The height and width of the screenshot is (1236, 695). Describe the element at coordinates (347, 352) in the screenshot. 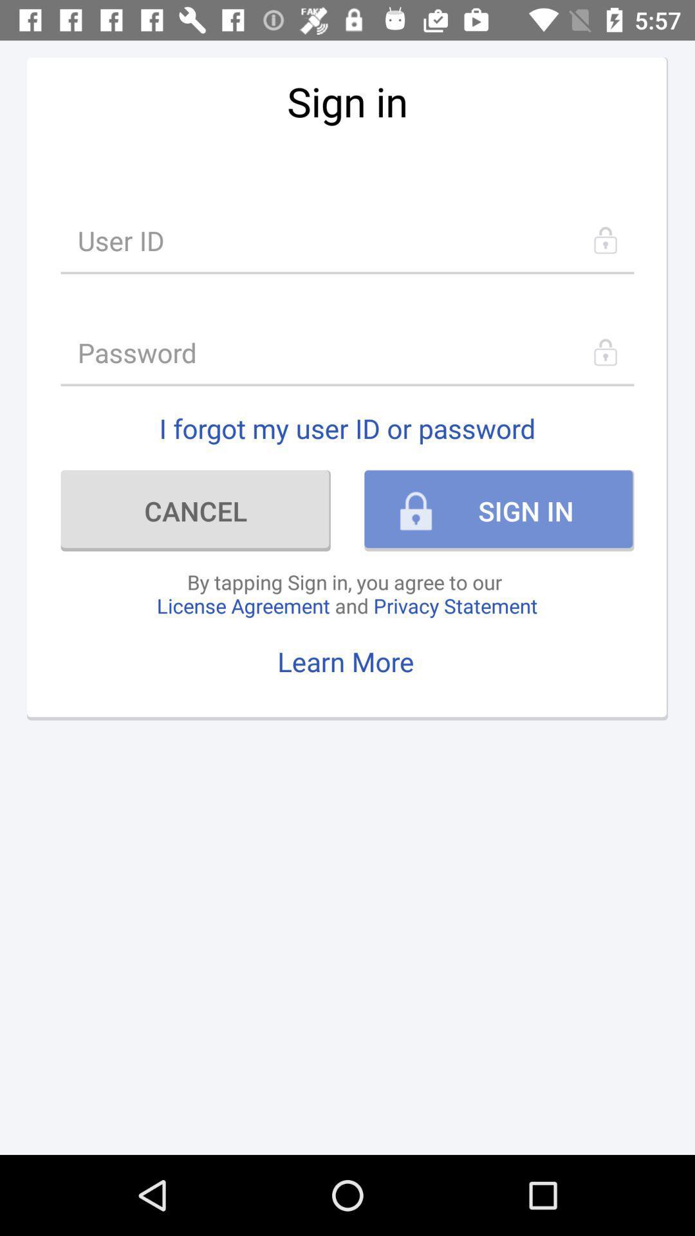

I see `password` at that location.